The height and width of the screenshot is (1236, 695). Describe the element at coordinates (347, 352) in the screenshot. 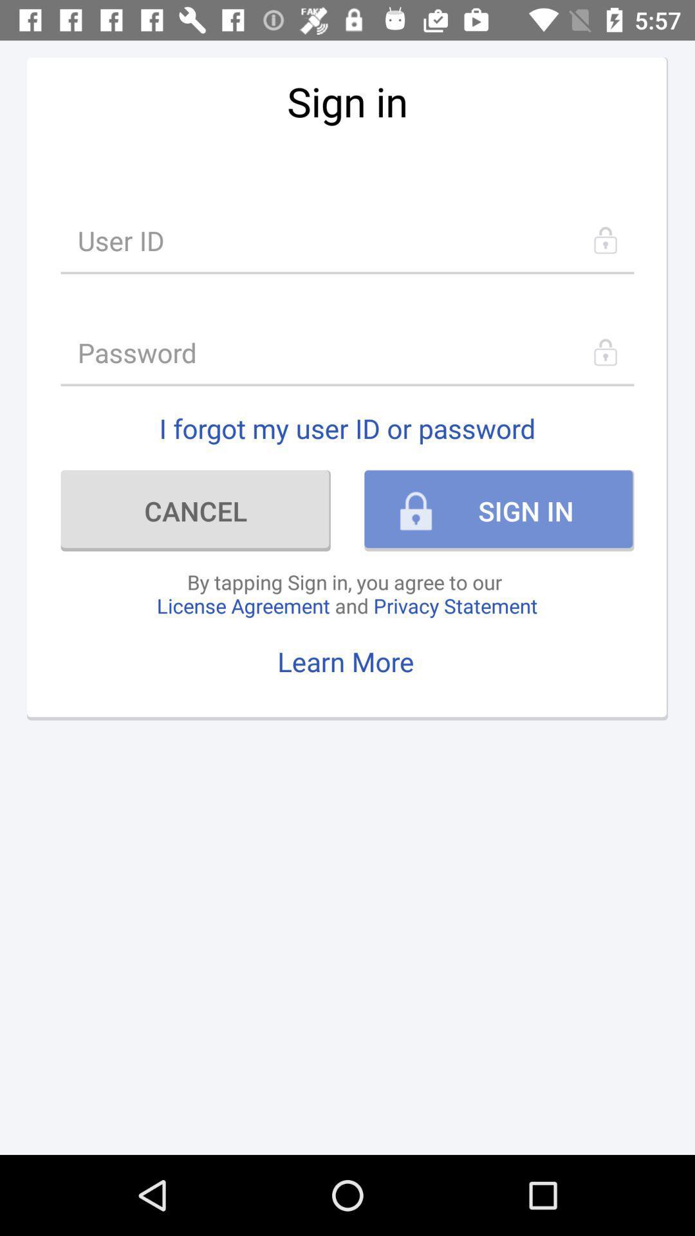

I see `password` at that location.